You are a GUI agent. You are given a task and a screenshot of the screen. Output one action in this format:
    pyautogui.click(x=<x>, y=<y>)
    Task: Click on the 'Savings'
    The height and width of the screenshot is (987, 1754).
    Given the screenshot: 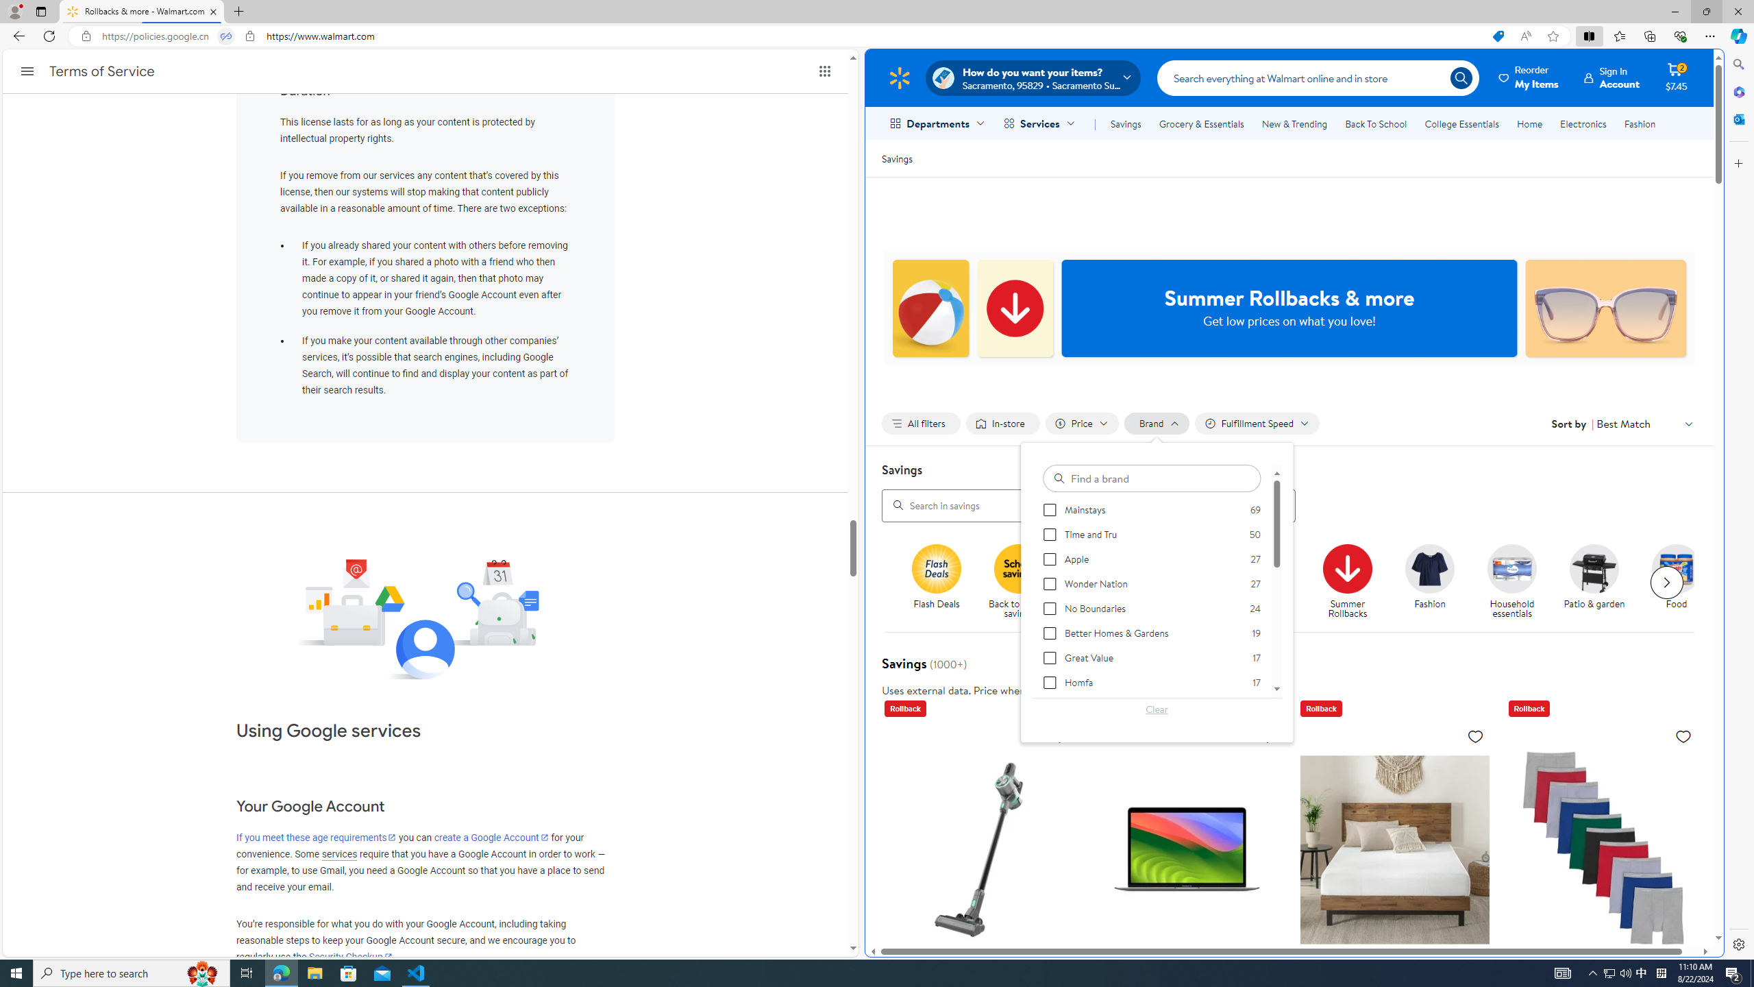 What is the action you would take?
    pyautogui.click(x=1125, y=123)
    